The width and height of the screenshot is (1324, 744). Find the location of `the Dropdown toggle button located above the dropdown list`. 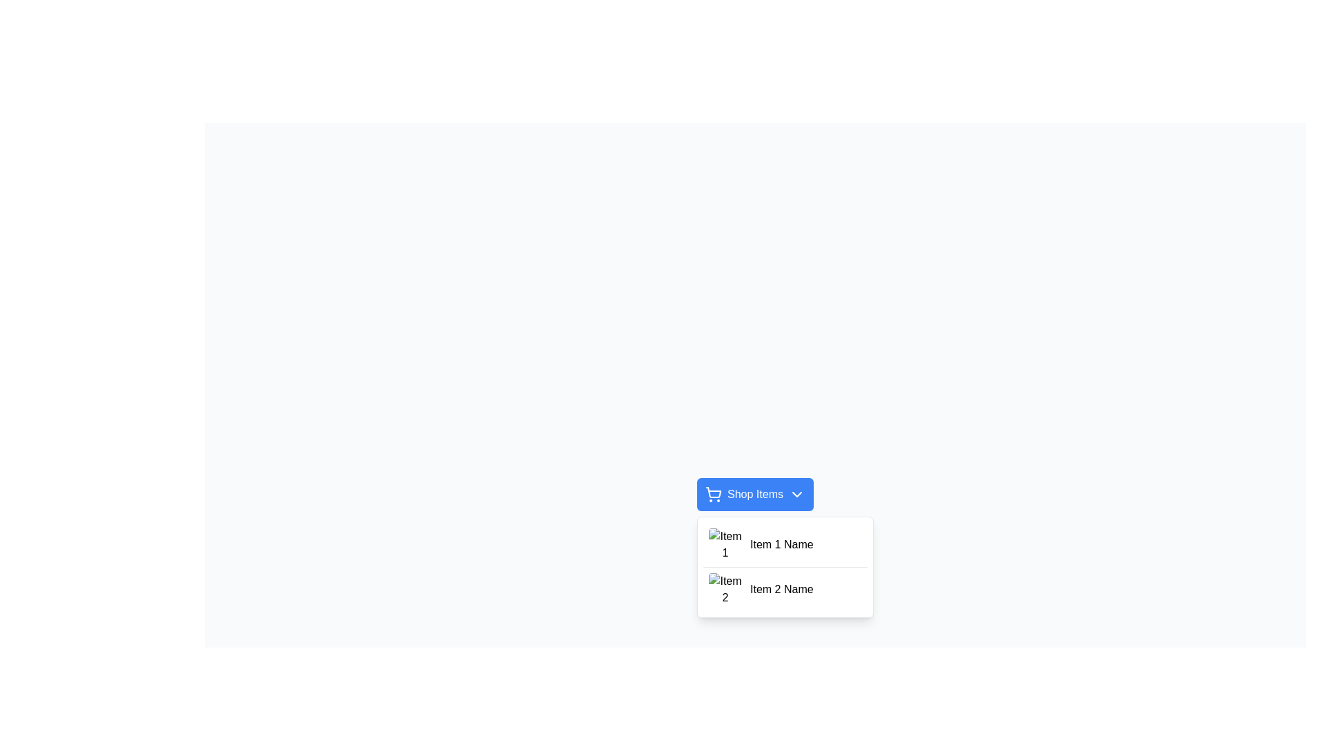

the Dropdown toggle button located above the dropdown list is located at coordinates (754, 493).